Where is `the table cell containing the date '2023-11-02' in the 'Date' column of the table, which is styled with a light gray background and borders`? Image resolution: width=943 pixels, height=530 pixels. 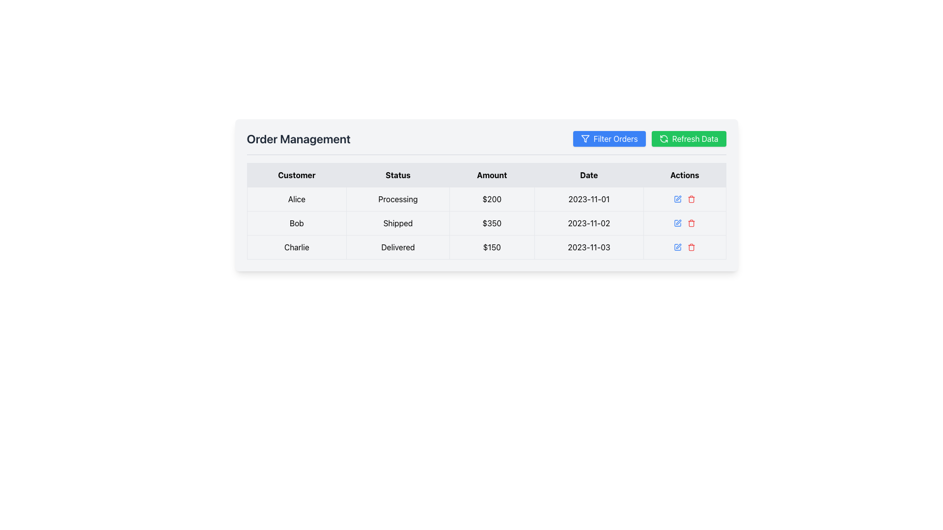 the table cell containing the date '2023-11-02' in the 'Date' column of the table, which is styled with a light gray background and borders is located at coordinates (589, 223).